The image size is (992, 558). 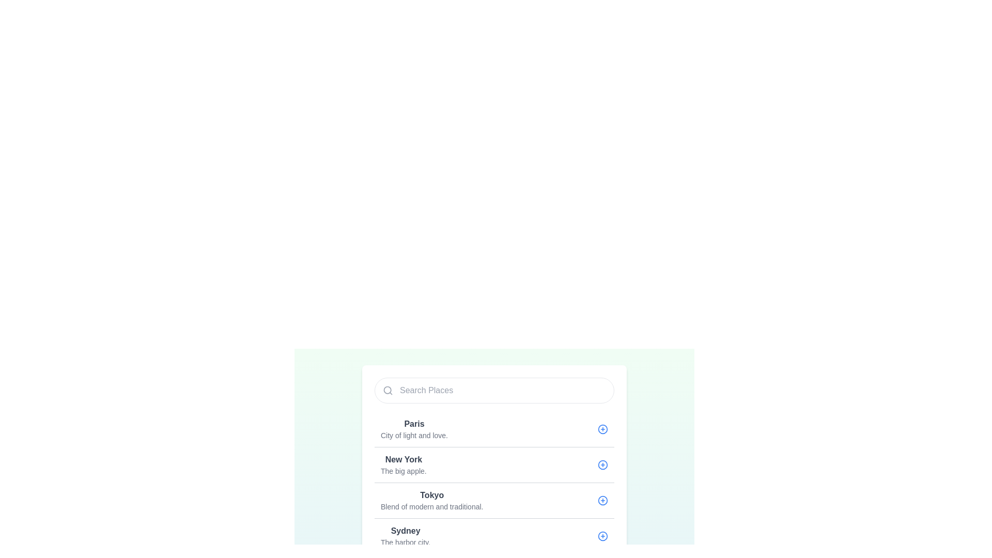 What do you see at coordinates (403, 464) in the screenshot?
I see `the Text block that displays 'New York' in bold, which is located in the second row of places, below 'Paris' and above 'Tokyo'` at bounding box center [403, 464].